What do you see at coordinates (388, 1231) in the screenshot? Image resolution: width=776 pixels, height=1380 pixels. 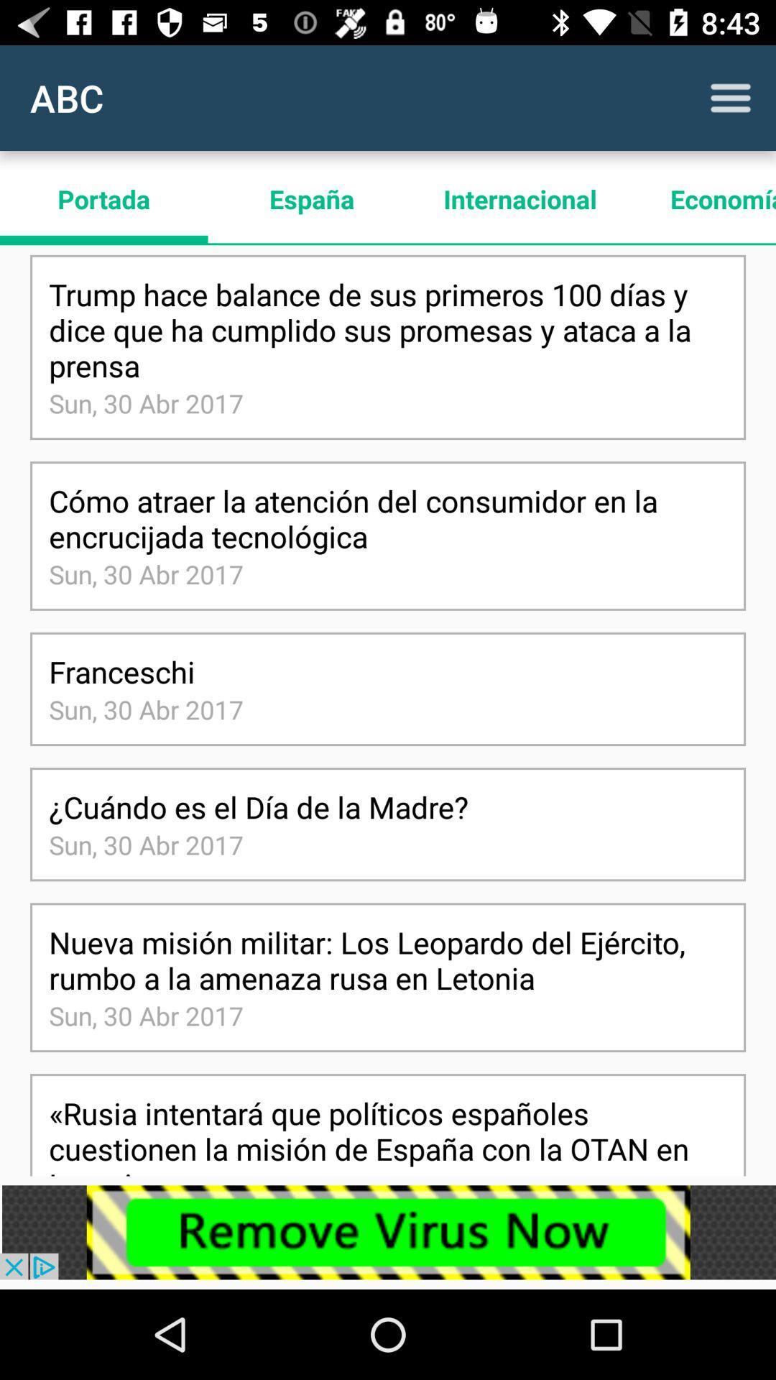 I see `click on advertisement` at bounding box center [388, 1231].